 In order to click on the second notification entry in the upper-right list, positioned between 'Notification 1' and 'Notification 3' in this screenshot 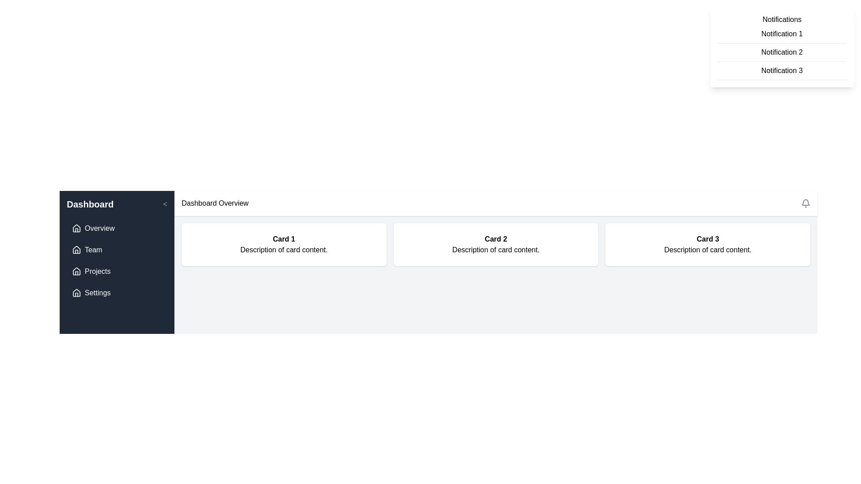, I will do `click(781, 52)`.